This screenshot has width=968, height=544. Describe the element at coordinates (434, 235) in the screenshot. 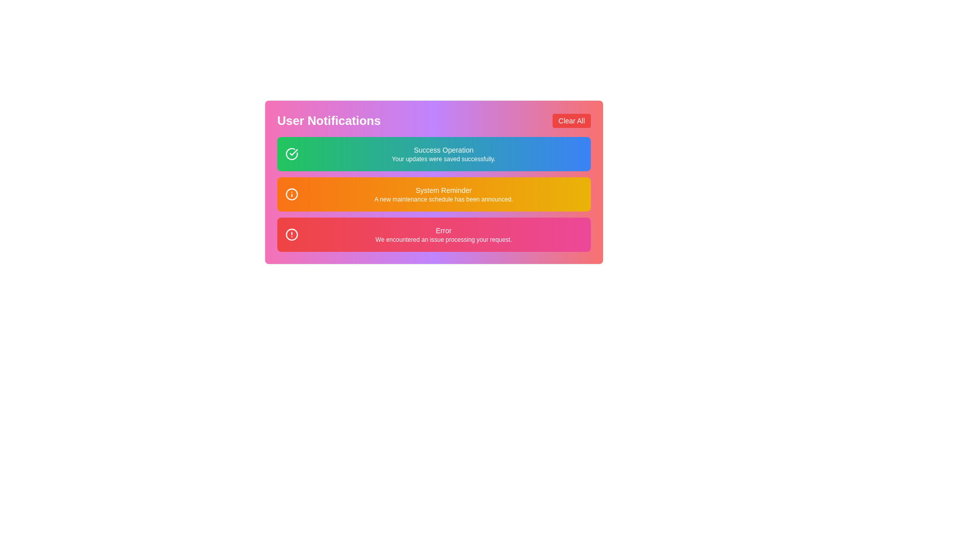

I see `the third Notification card, which serves as an alert for user errors and is located at the bottom of the notification list below the 'System Reminder'` at that location.